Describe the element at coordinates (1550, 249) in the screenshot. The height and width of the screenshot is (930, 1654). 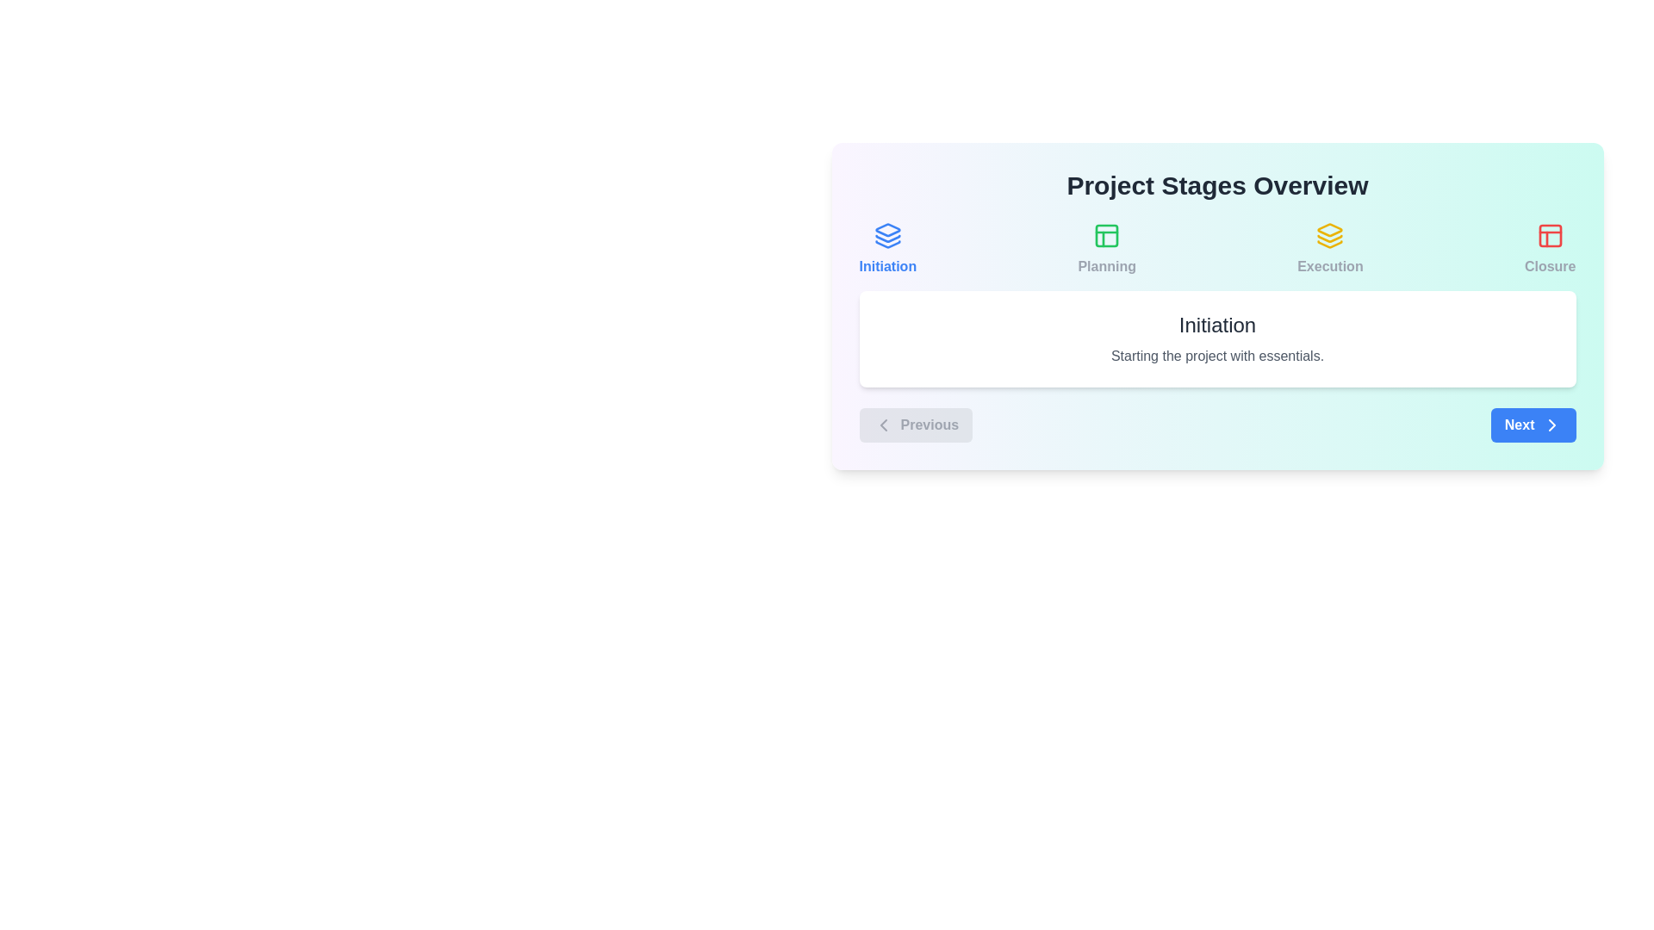
I see `fourth item in the sequence of stage indicators, which is a red icon representing a rectangular pane with sections and a gray label 'Closure' below it` at that location.